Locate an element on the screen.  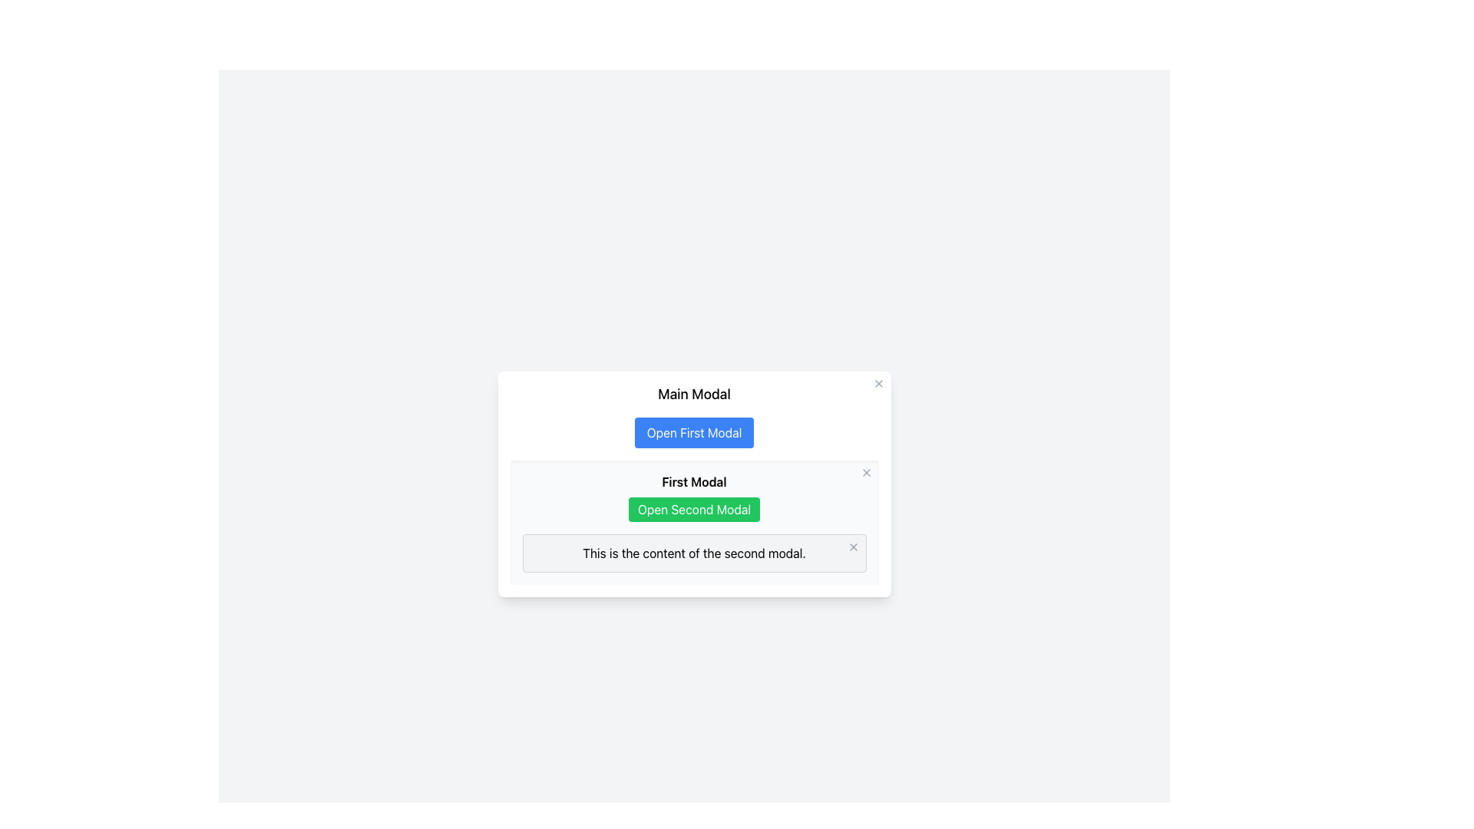
the static text inside the second modal, positioned below the 'Open Second Modal' button, providing descriptive information to the user is located at coordinates (693, 553).